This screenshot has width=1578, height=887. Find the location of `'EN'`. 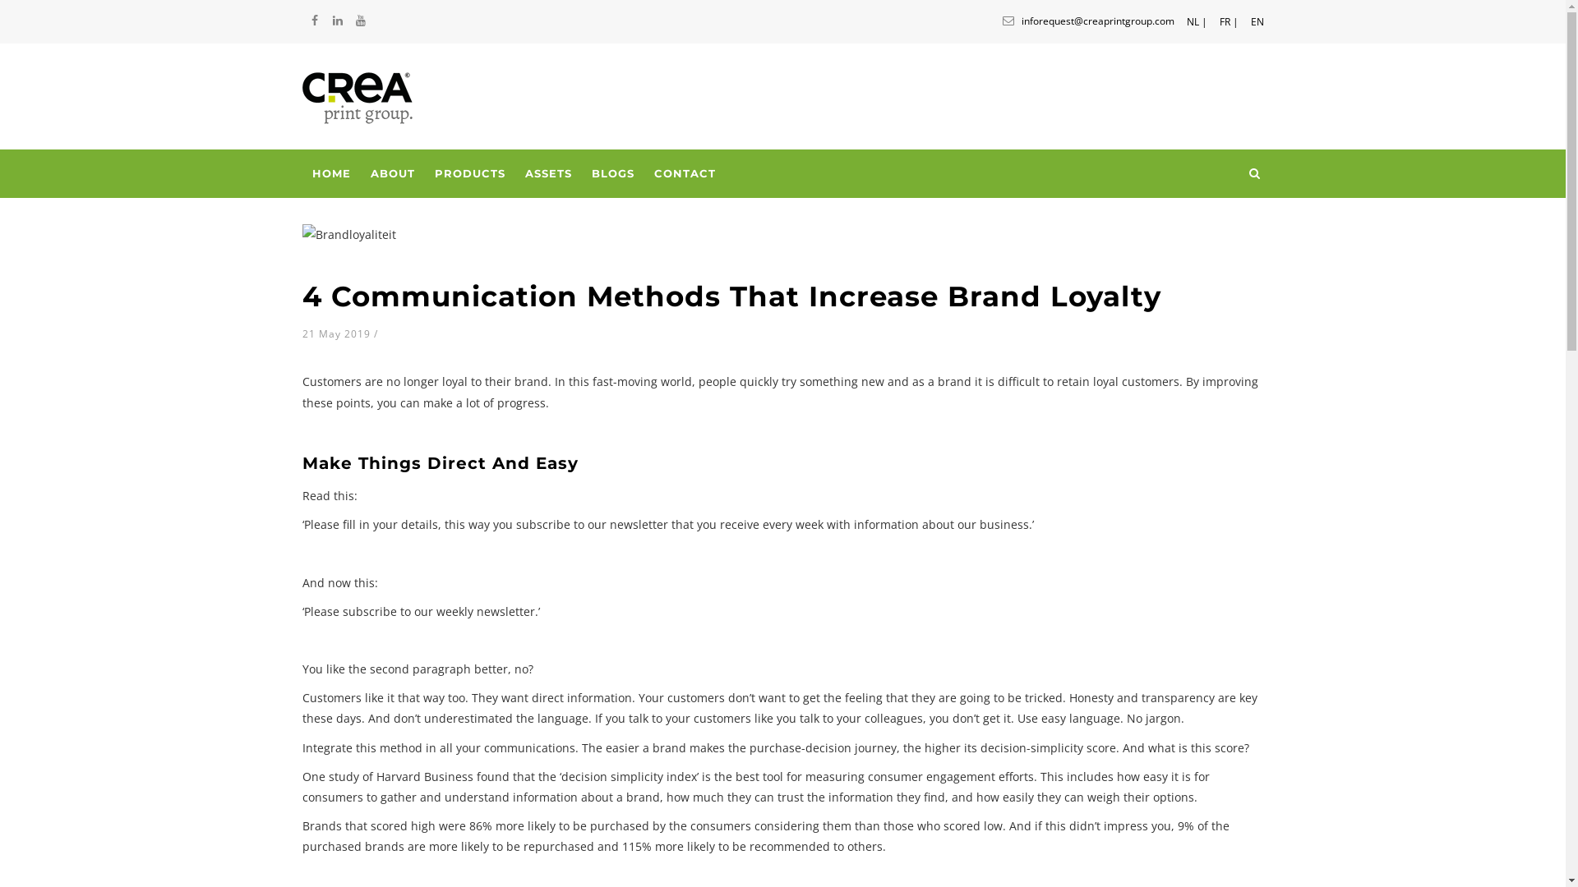

'EN' is located at coordinates (1257, 19).